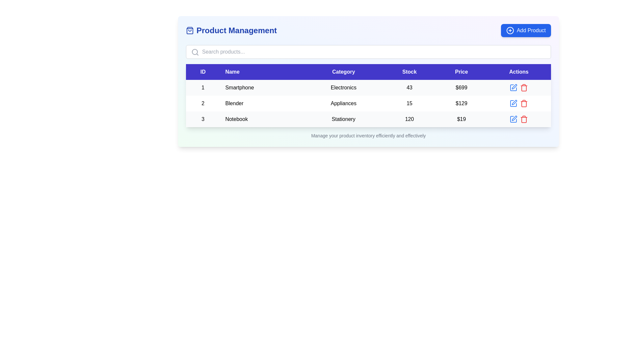 The image size is (632, 355). I want to click on the delete icon button, so click(524, 104).